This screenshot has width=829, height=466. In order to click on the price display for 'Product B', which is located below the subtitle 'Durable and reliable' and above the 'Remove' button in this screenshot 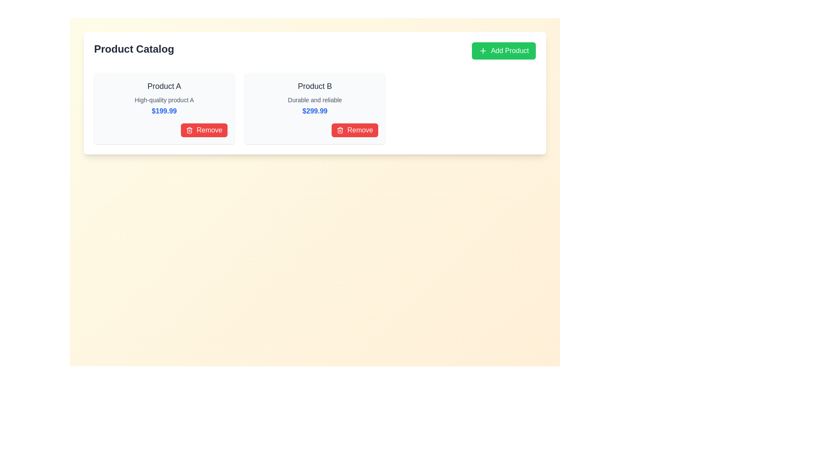, I will do `click(314, 111)`.